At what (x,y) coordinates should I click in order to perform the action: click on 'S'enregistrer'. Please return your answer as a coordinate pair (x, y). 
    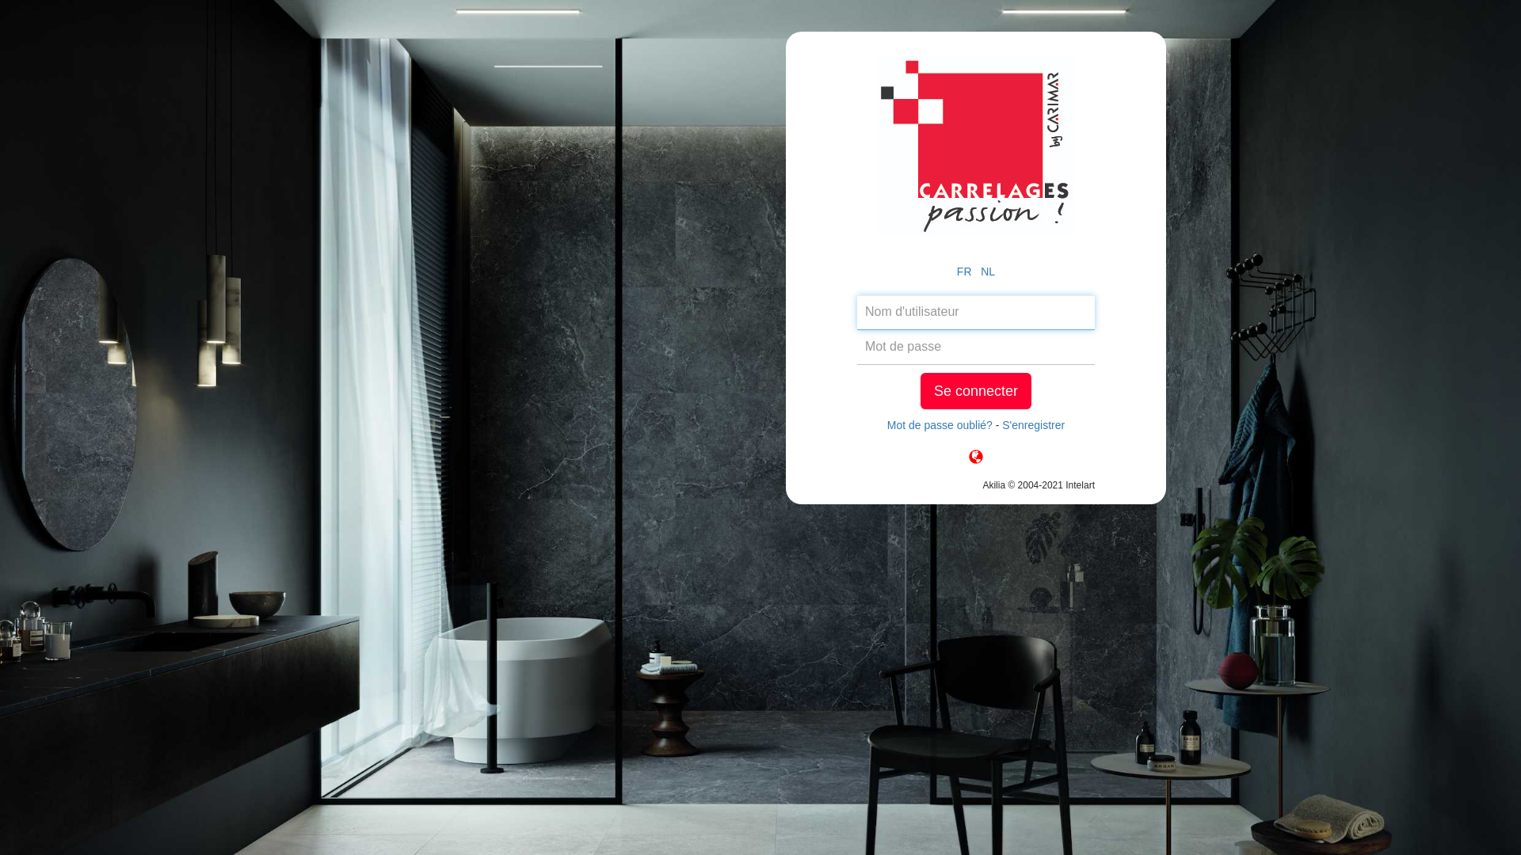
    Looking at the image, I should click on (1033, 424).